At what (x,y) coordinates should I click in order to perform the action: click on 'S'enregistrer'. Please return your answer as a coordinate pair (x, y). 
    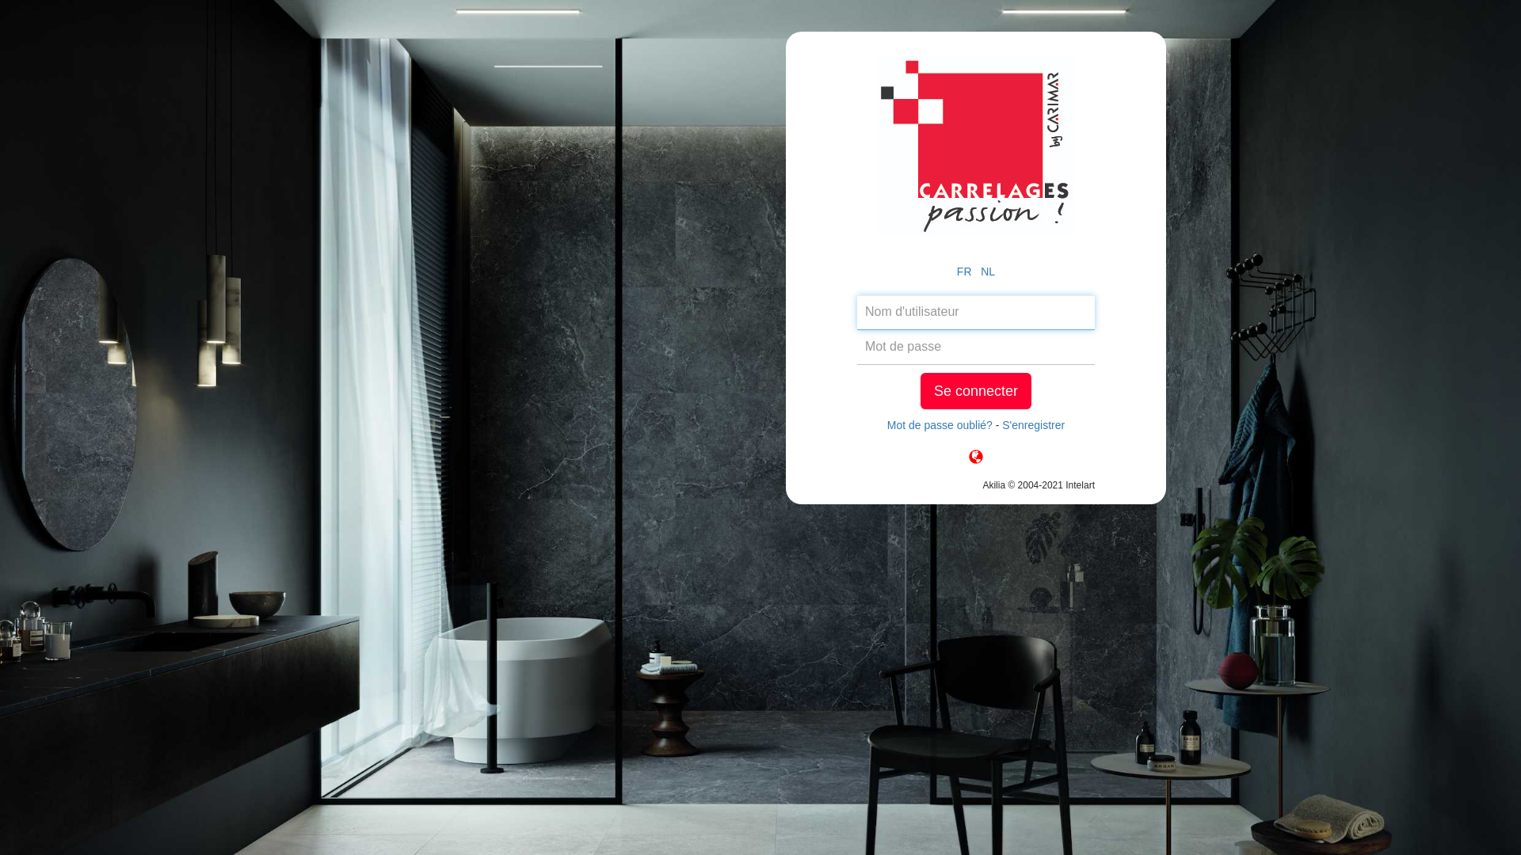
    Looking at the image, I should click on (1033, 424).